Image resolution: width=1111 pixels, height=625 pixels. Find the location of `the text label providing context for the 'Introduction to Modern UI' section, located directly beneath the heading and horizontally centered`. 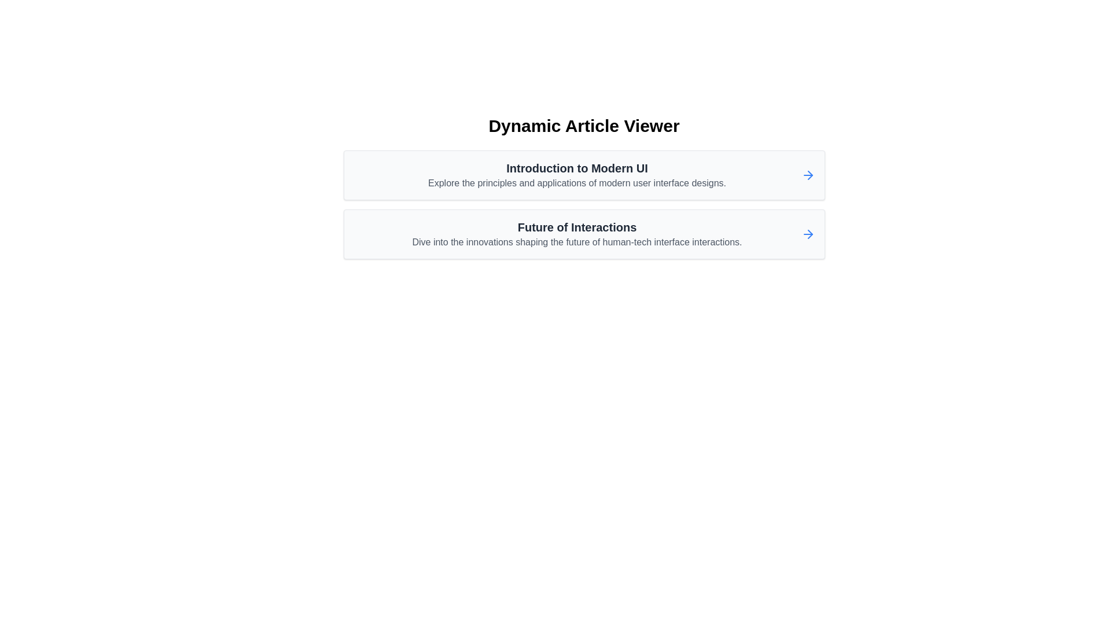

the text label providing context for the 'Introduction to Modern UI' section, located directly beneath the heading and horizontally centered is located at coordinates (577, 182).